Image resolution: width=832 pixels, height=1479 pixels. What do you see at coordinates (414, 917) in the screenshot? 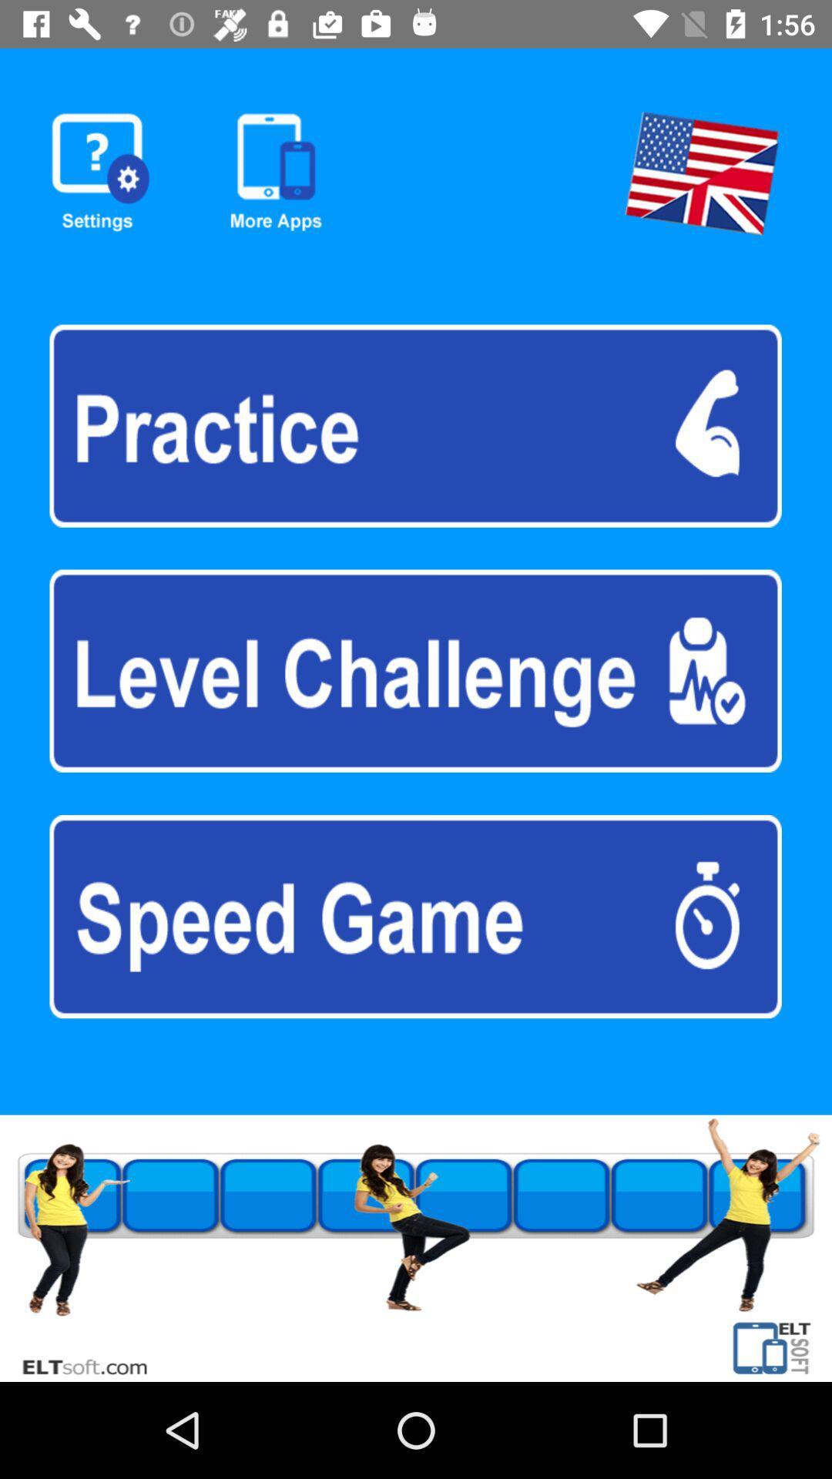
I see `the speed game` at bounding box center [414, 917].